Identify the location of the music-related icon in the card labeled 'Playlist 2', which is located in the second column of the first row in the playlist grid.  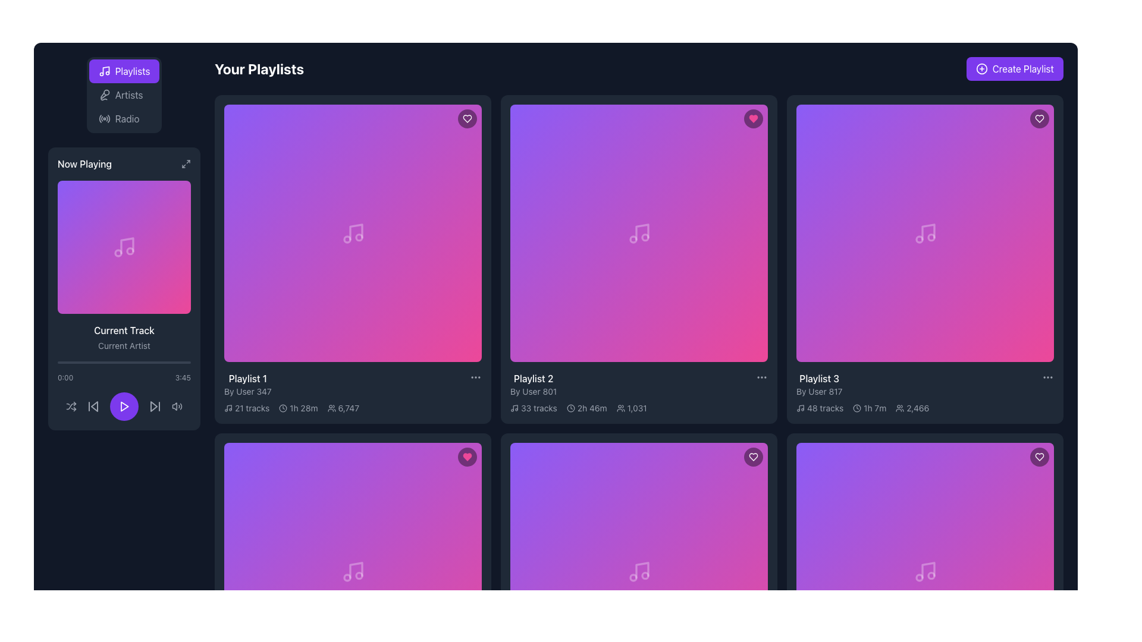
(638, 233).